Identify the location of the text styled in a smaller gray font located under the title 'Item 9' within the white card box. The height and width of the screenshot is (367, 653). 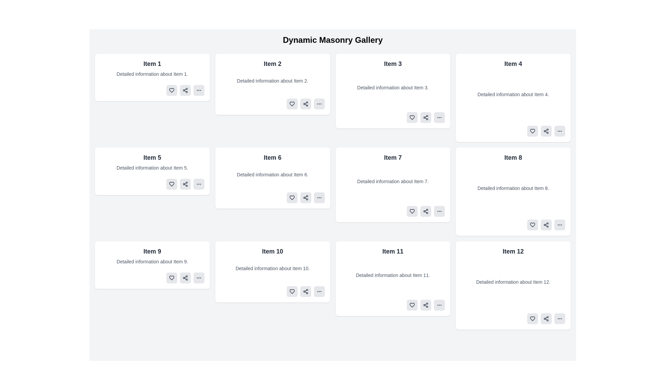
(152, 261).